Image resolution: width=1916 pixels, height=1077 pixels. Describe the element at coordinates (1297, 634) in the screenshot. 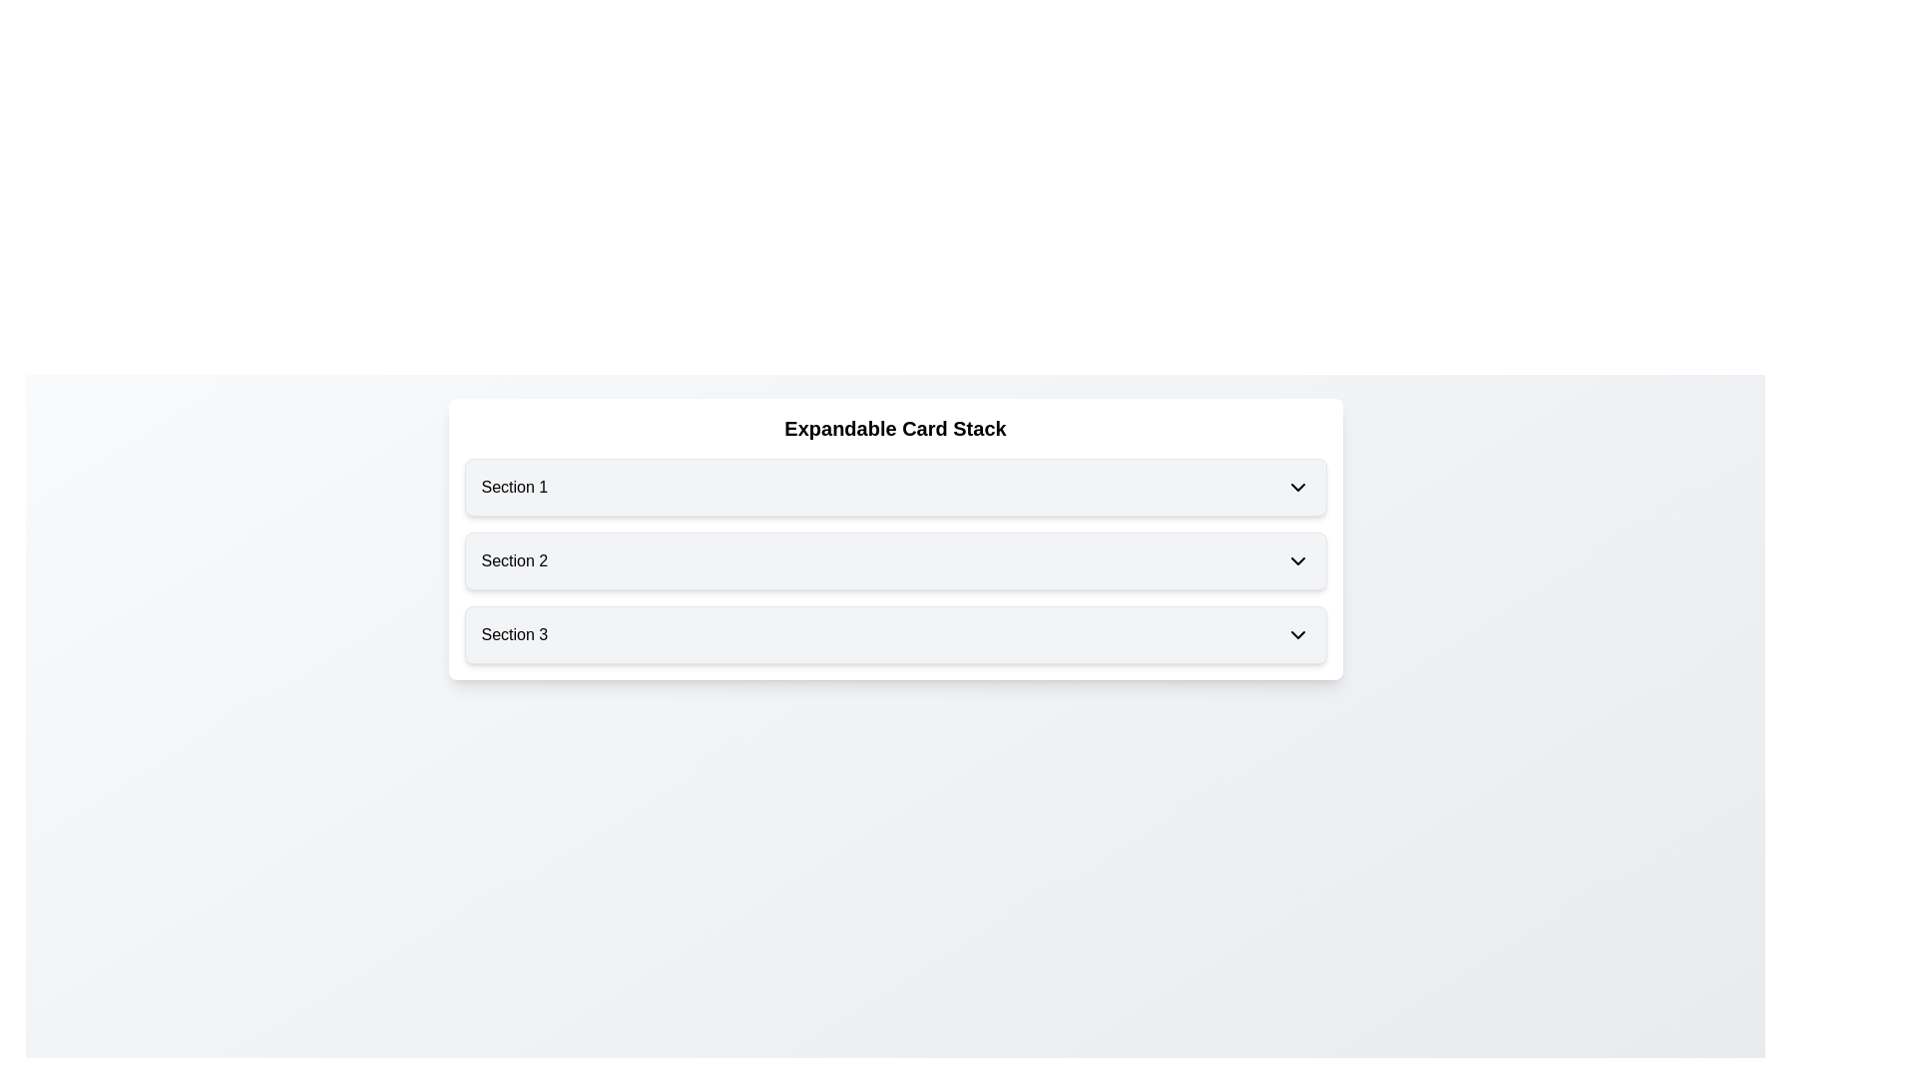

I see `the chevron icon located in the third section labeled 'Section 3'` at that location.